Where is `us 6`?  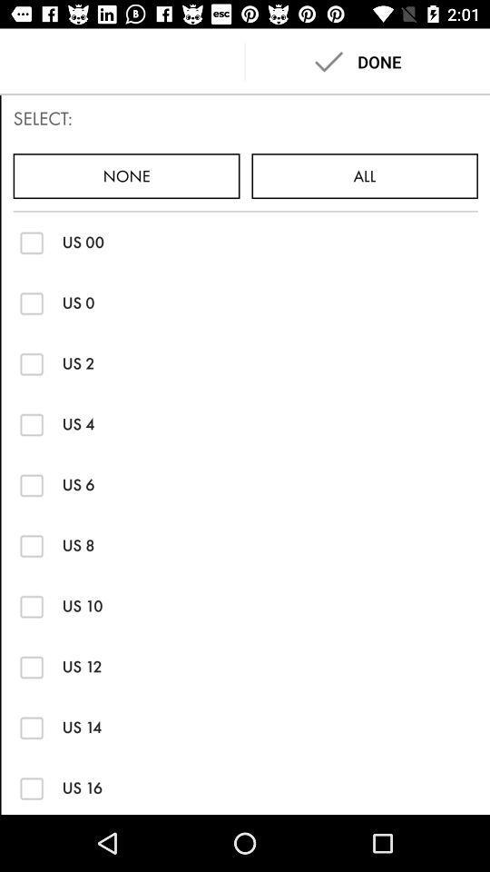
us 6 is located at coordinates (32, 484).